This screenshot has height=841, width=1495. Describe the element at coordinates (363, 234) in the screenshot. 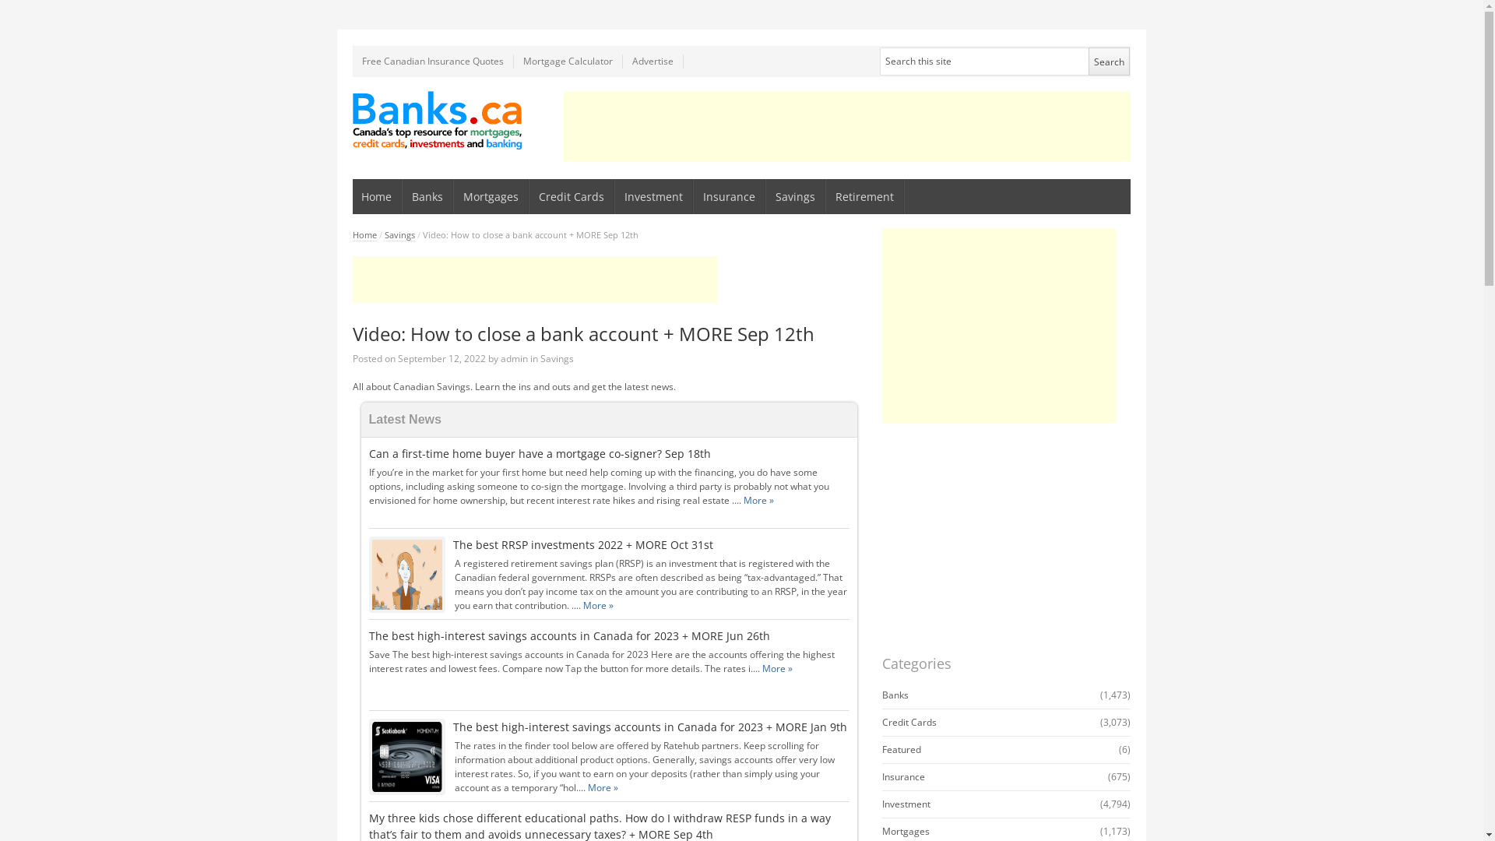

I see `'Home'` at that location.